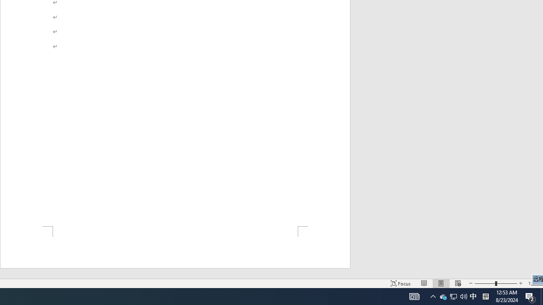  What do you see at coordinates (400, 283) in the screenshot?
I see `'Focus '` at bounding box center [400, 283].